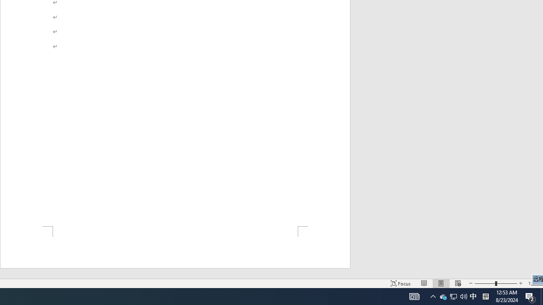  What do you see at coordinates (400, 283) in the screenshot?
I see `'Focus '` at bounding box center [400, 283].